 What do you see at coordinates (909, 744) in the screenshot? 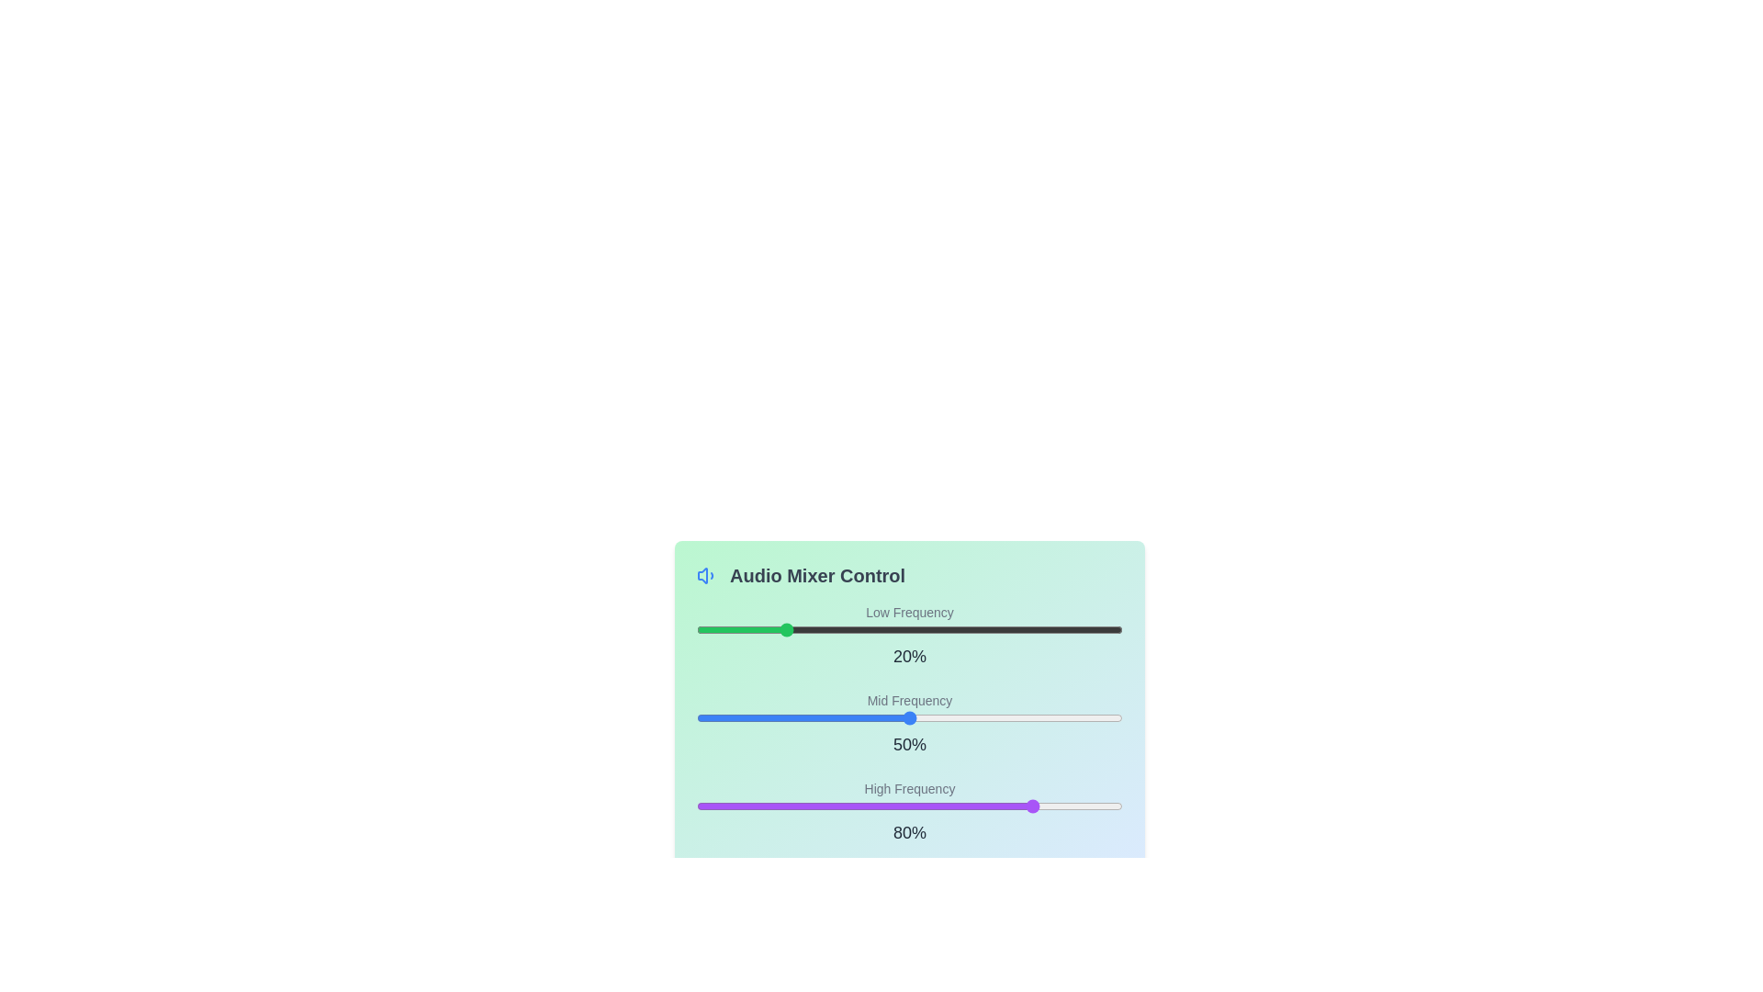
I see `the prominent Text label displaying '50%' that is positioned below the blue 'Mid Frequency' slider` at bounding box center [909, 744].